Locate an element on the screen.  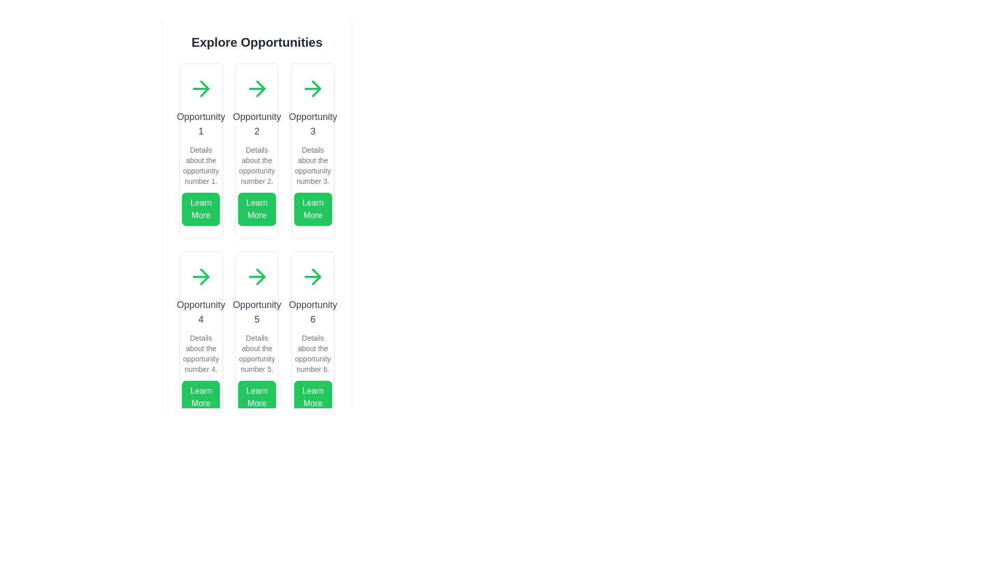
the 'Learn More' button with a green background and white text located at the bottom of the 'Opportunity 6' box to trigger the visual hover effect is located at coordinates (312, 397).